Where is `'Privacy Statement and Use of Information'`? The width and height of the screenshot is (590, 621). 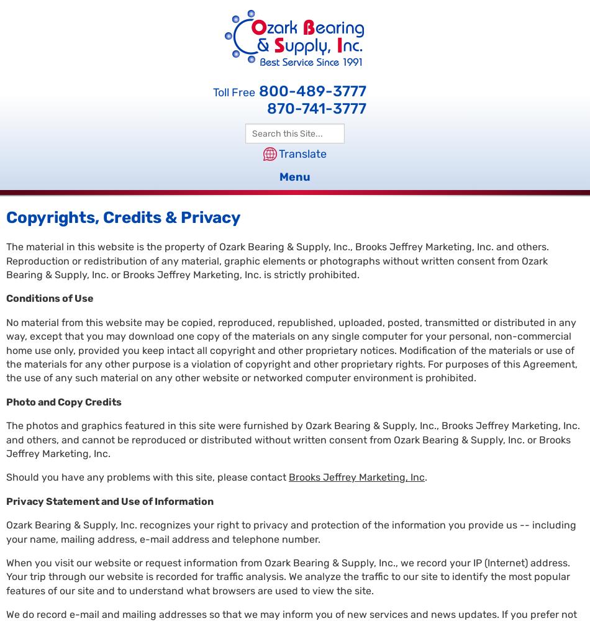
'Privacy Statement and Use of Information' is located at coordinates (109, 501).